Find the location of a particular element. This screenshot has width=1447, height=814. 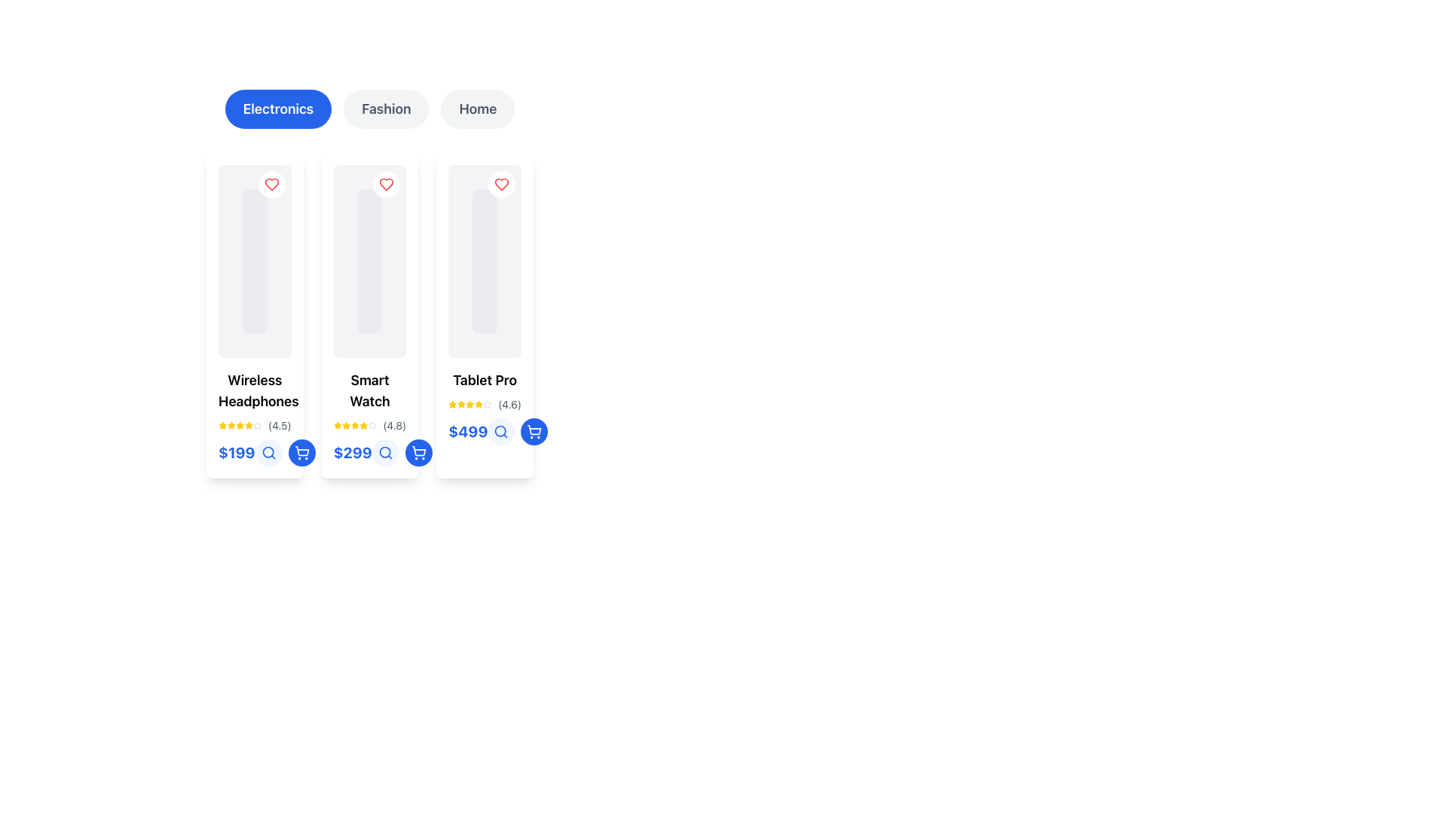

numerical rating value from the text label located in the lower section of the 'Wireless Headphones' product card, adjacent to the graphical star rating components is located at coordinates (280, 425).